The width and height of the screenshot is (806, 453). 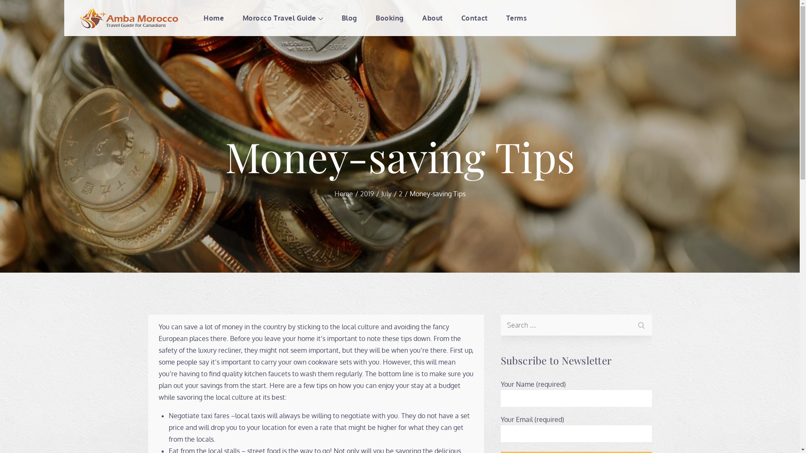 I want to click on 'Booking', so click(x=389, y=18).